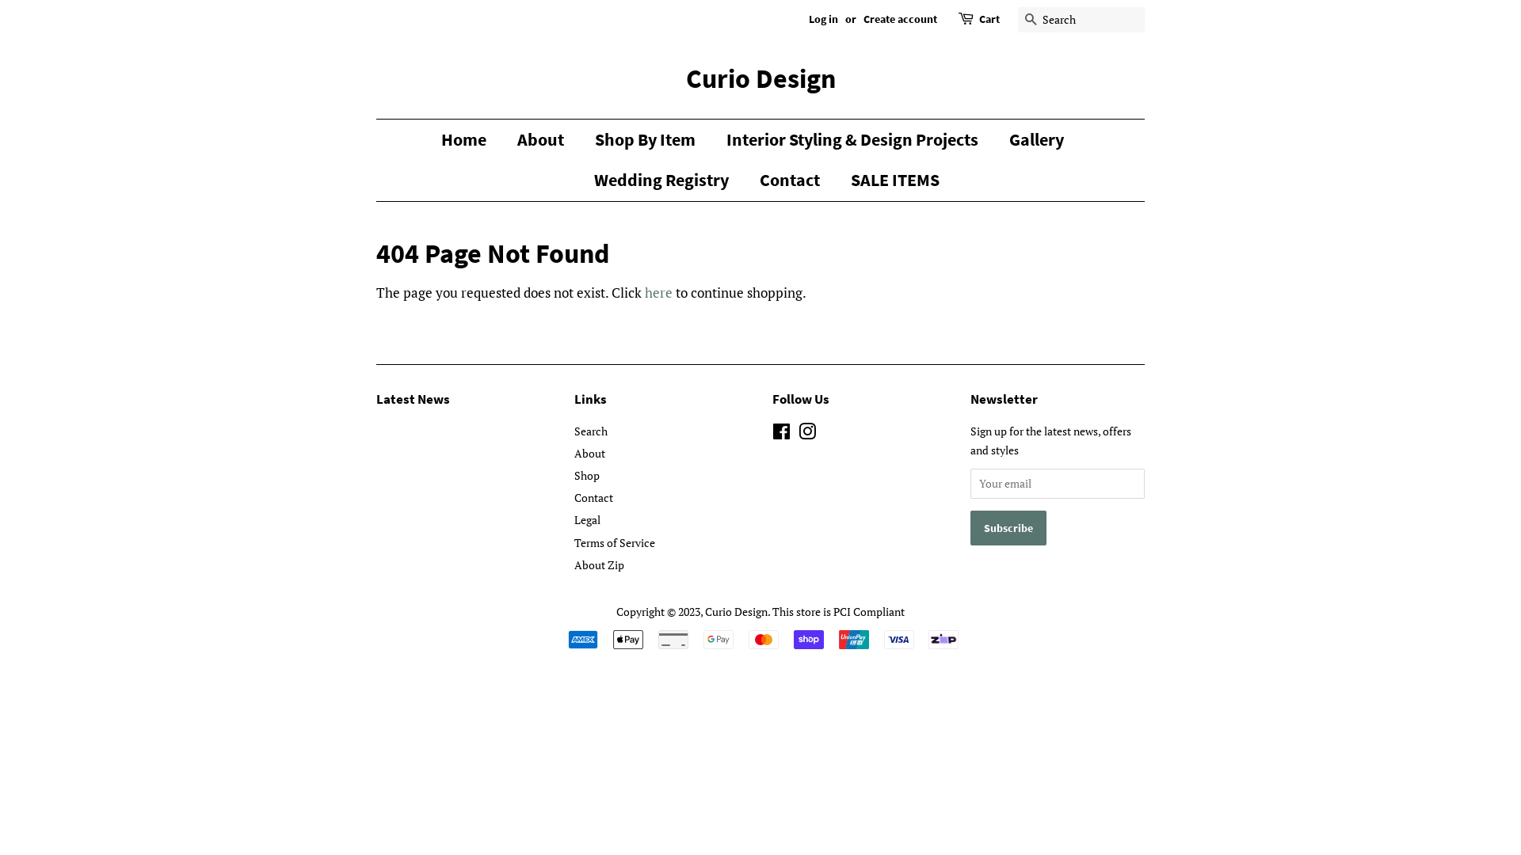 This screenshot has height=855, width=1521. What do you see at coordinates (837, 610) in the screenshot?
I see `'This store is PCI Compliant'` at bounding box center [837, 610].